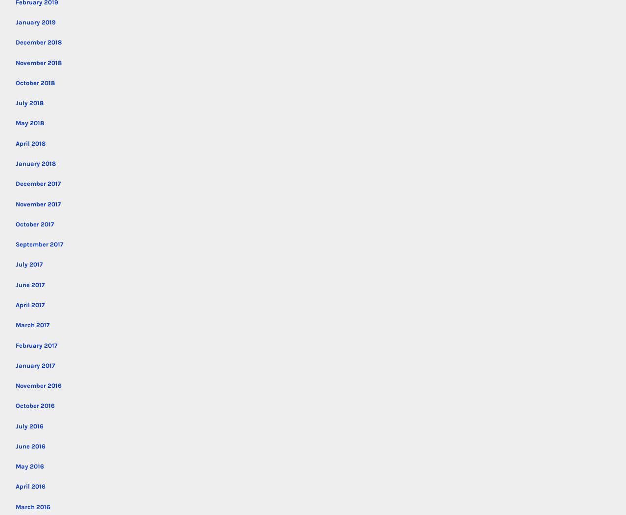 This screenshot has height=515, width=626. Describe the element at coordinates (38, 203) in the screenshot. I see `'November 2017'` at that location.